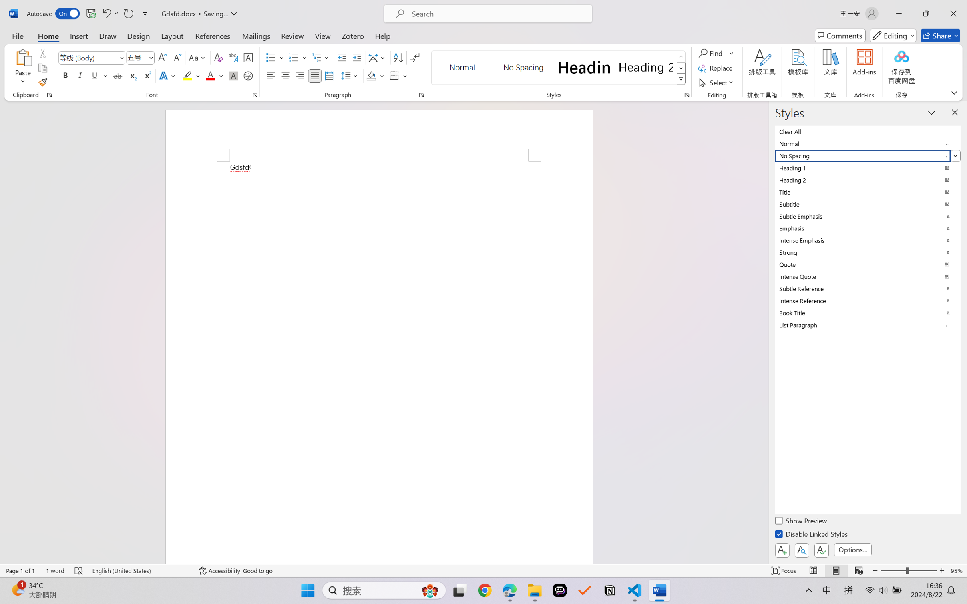 The image size is (967, 604). What do you see at coordinates (232, 75) in the screenshot?
I see `'Character Shading'` at bounding box center [232, 75].